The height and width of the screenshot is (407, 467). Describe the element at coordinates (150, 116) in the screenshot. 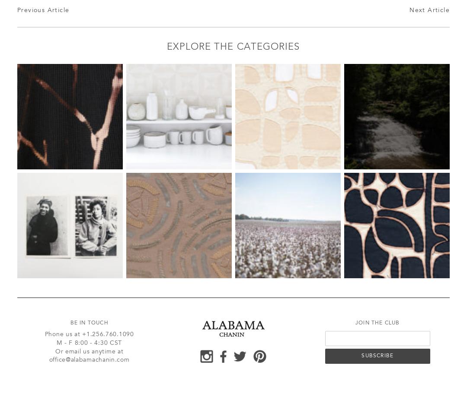

I see `'IN THE KITCHEN'` at that location.